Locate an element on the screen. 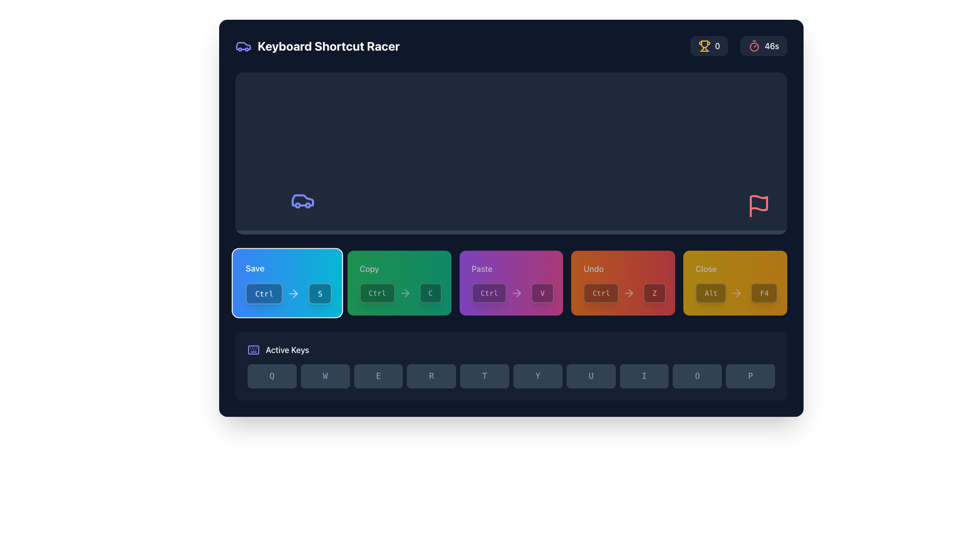  the icon that visually indicates the relationship between 'Ctrl' and 'C' in the 'Copy' button, positioned to the right of 'Ctrl' and left of 'C' is located at coordinates (404, 293).